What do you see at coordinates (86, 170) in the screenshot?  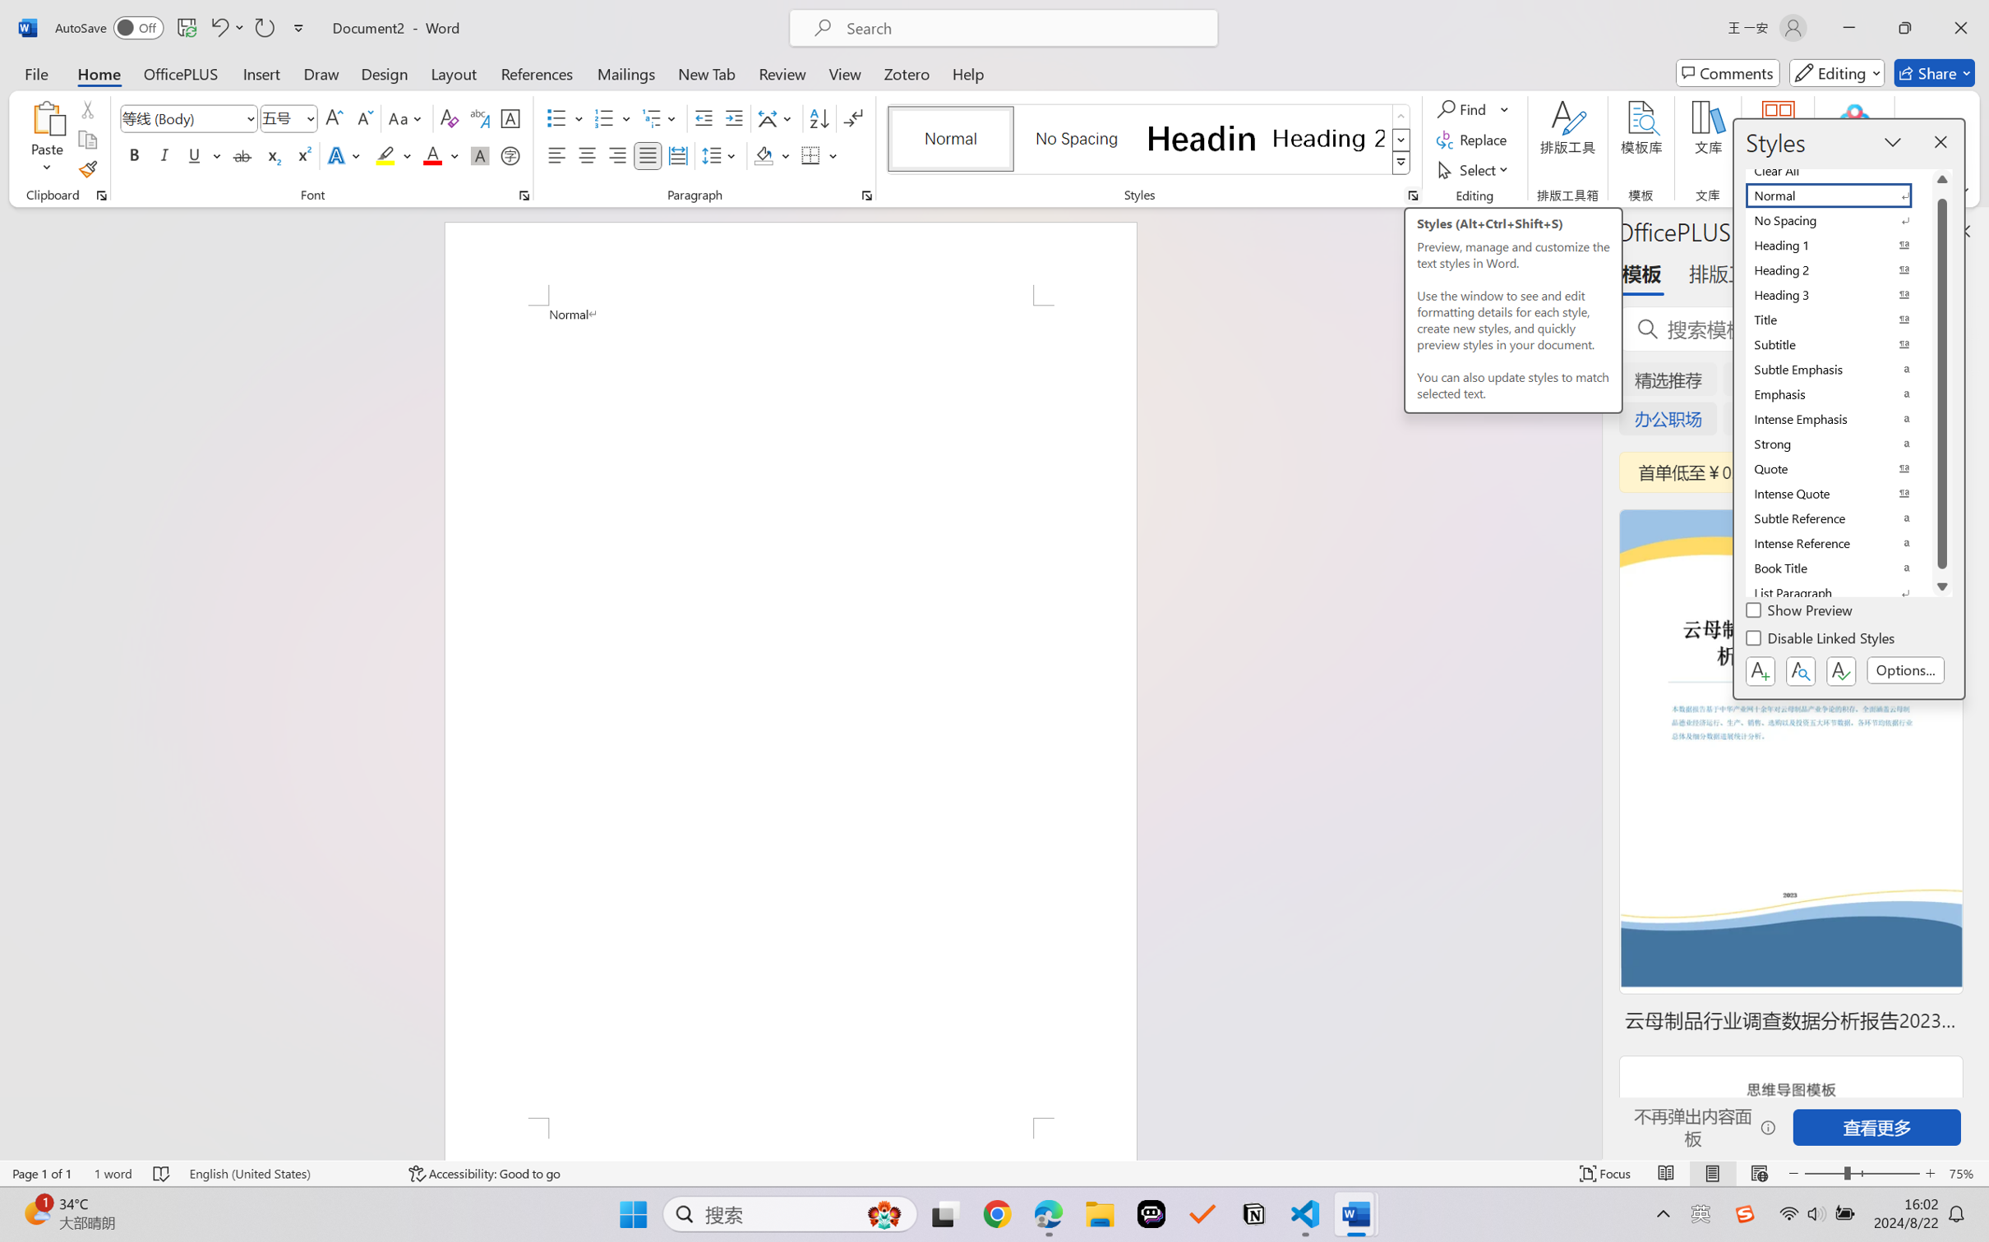 I see `'Format Painter'` at bounding box center [86, 170].